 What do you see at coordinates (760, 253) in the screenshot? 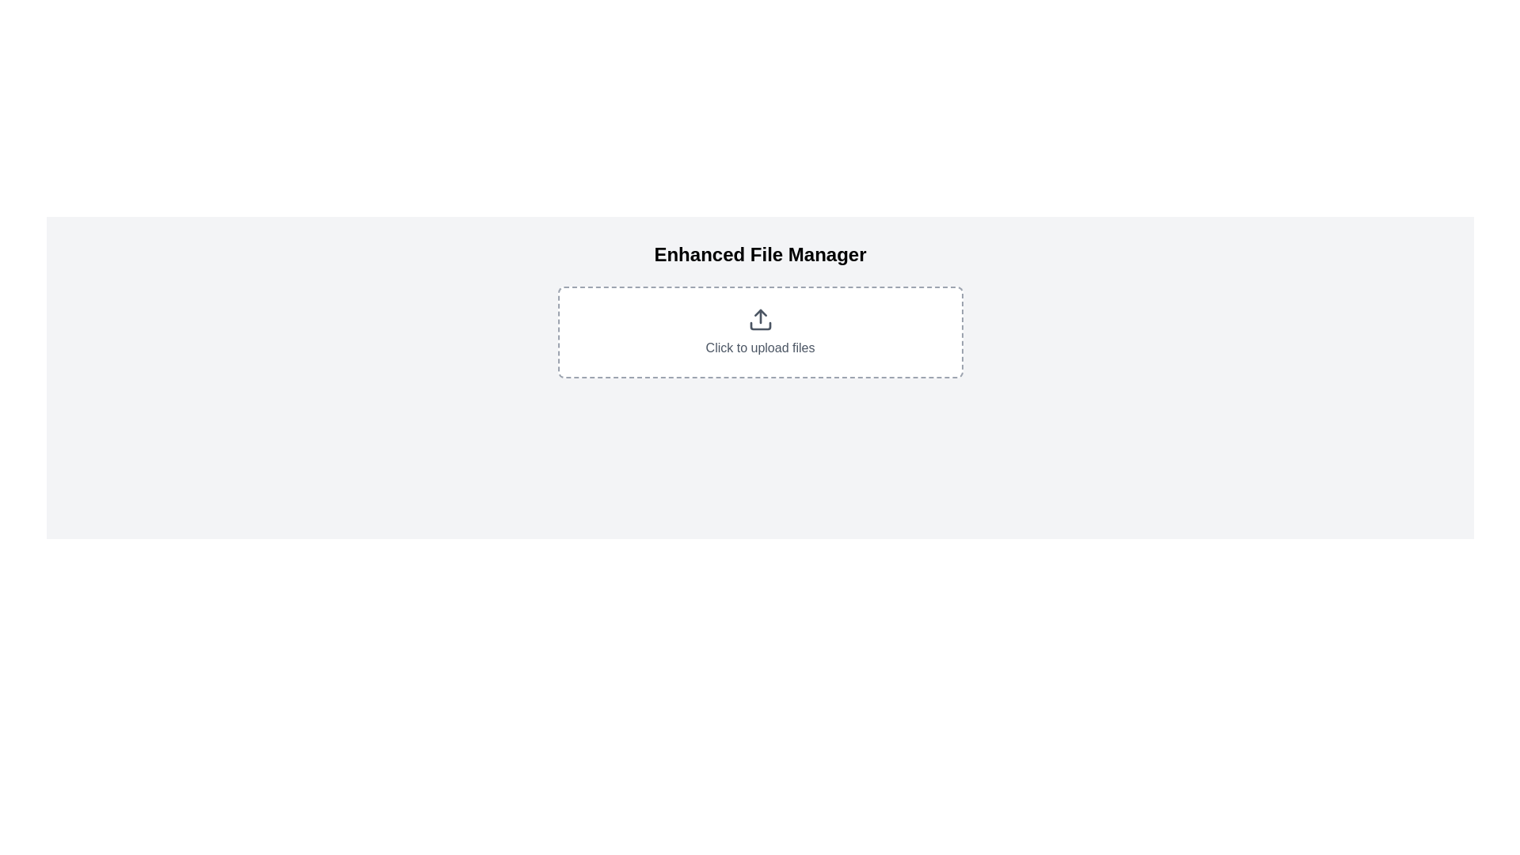
I see `the header text element that serves as the title of the interface, located near the top center of the page directly above the file upload section` at bounding box center [760, 253].